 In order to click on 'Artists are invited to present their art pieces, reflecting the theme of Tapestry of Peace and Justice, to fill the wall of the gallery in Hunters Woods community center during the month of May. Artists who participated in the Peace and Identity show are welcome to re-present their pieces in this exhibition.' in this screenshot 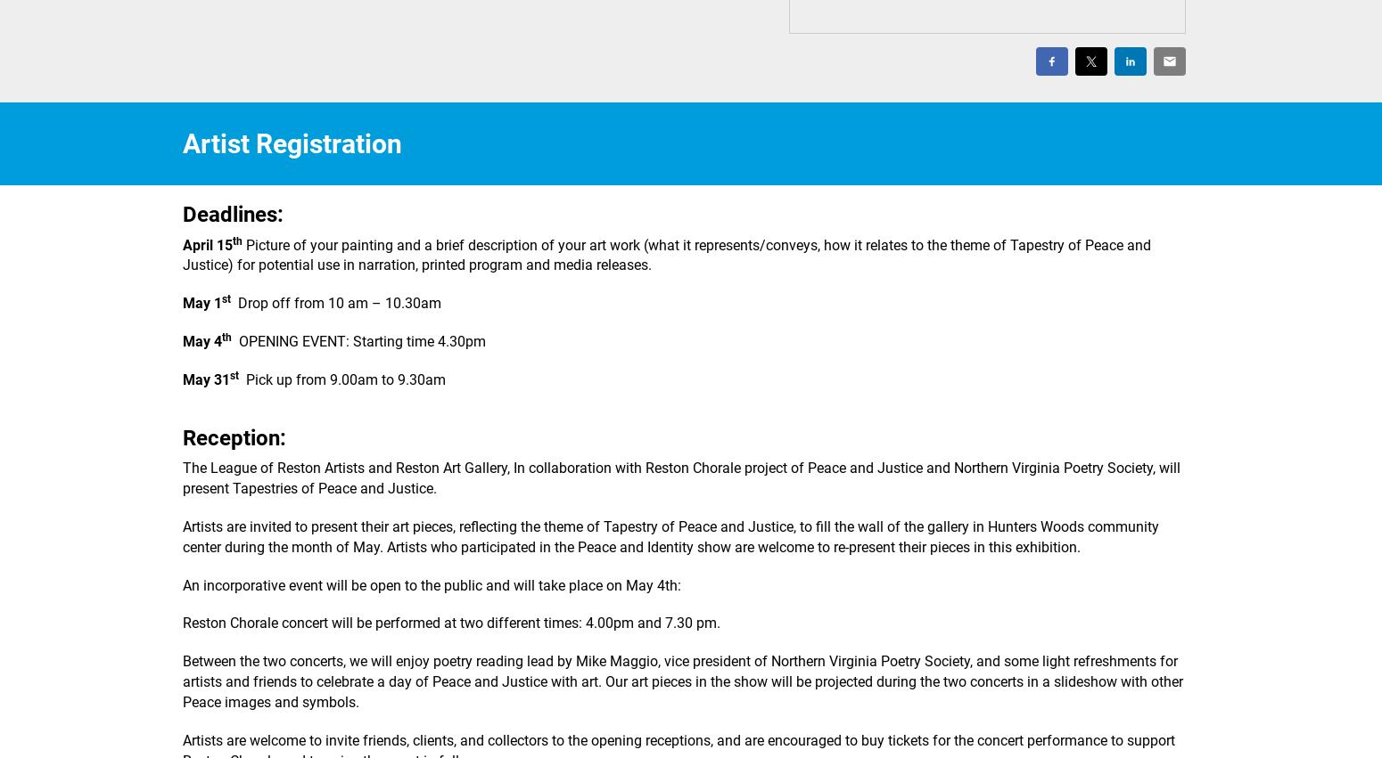, I will do `click(670, 535)`.